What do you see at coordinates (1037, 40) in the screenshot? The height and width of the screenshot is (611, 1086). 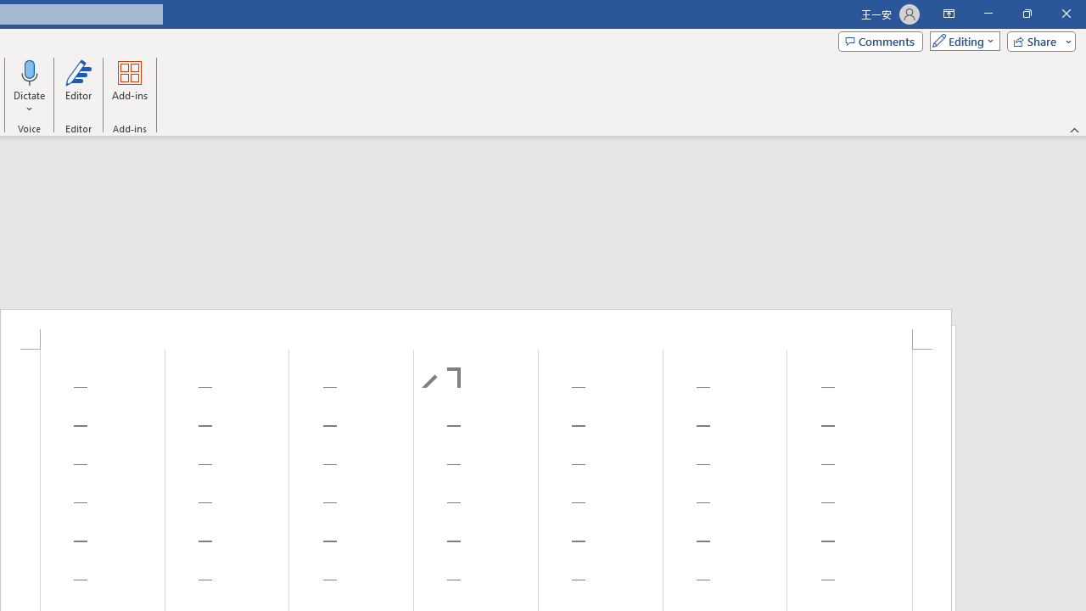 I see `'Share'` at bounding box center [1037, 40].